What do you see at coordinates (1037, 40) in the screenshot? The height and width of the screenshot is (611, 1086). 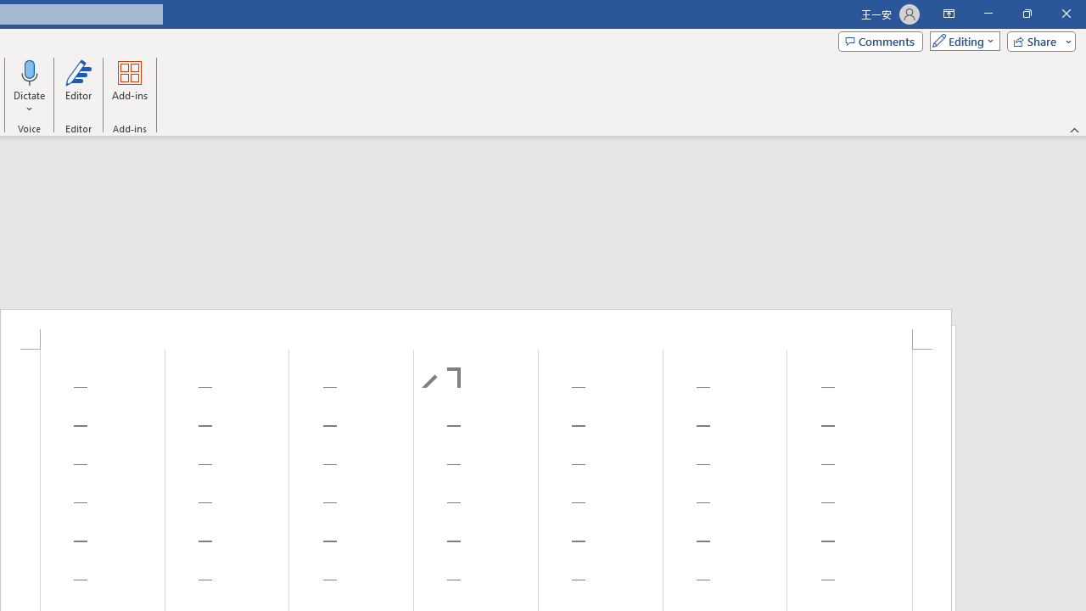 I see `'Share'` at bounding box center [1037, 40].